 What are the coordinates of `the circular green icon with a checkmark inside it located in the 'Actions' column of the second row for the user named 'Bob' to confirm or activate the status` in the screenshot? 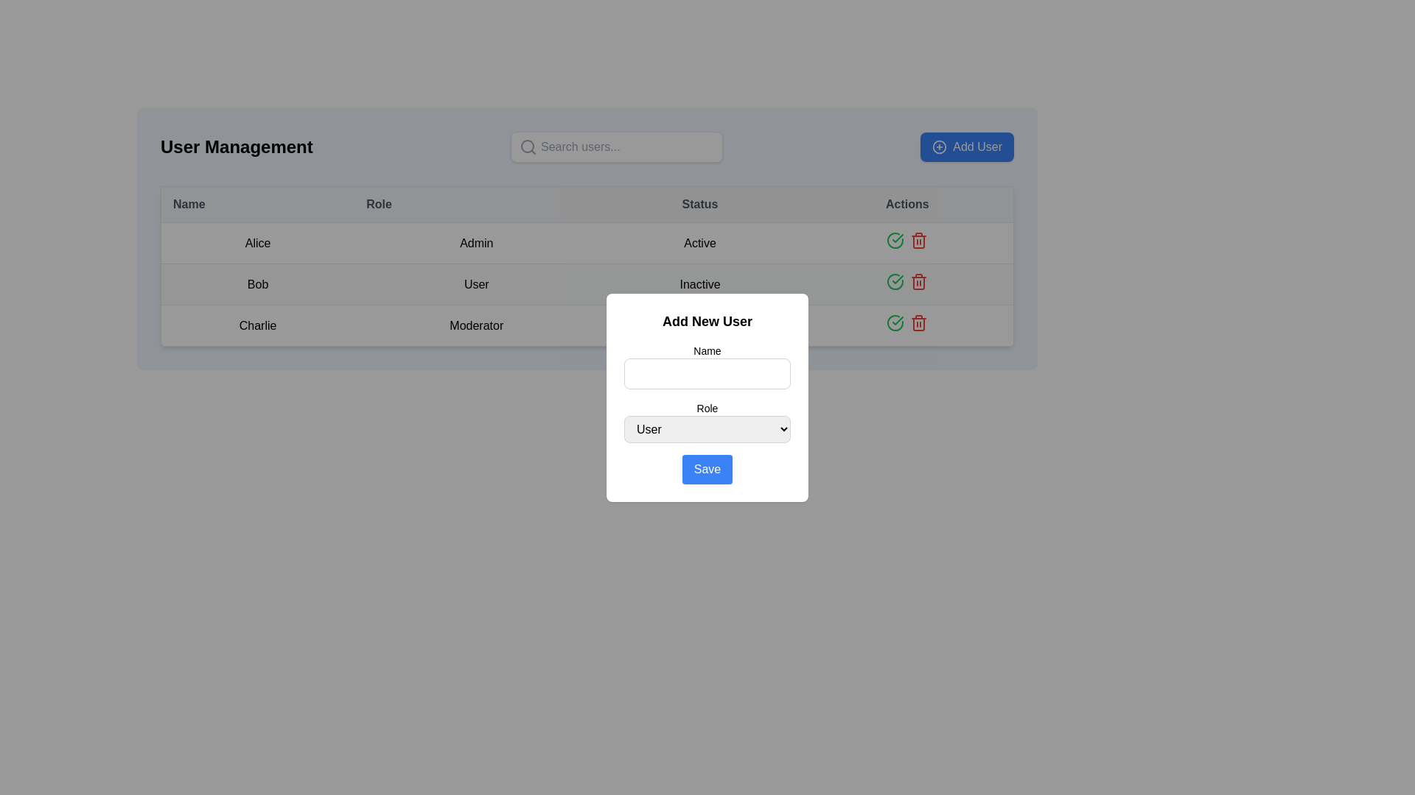 It's located at (895, 281).